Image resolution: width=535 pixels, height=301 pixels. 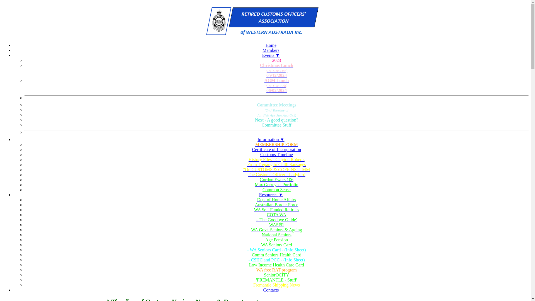 I want to click on 'AGM Lunch, so click(x=276, y=86).